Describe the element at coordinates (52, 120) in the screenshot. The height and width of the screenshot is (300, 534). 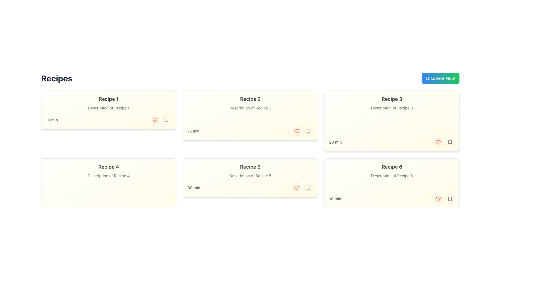
I see `the text label that indicates '10 min', which is in a gray font located within the first recipe card in the grid layout, below the recipe title` at that location.